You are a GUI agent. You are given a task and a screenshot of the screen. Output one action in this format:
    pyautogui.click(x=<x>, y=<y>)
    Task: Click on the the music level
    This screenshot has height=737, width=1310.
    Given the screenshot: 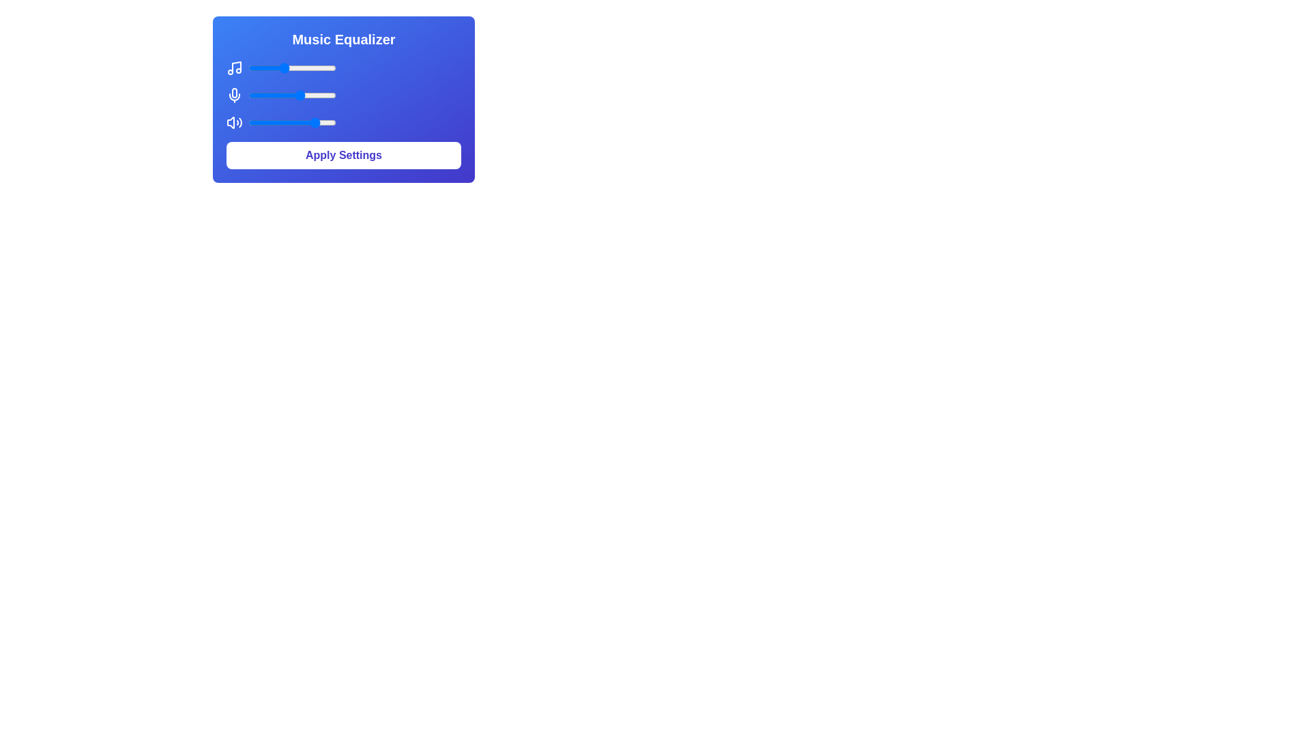 What is the action you would take?
    pyautogui.click(x=250, y=68)
    